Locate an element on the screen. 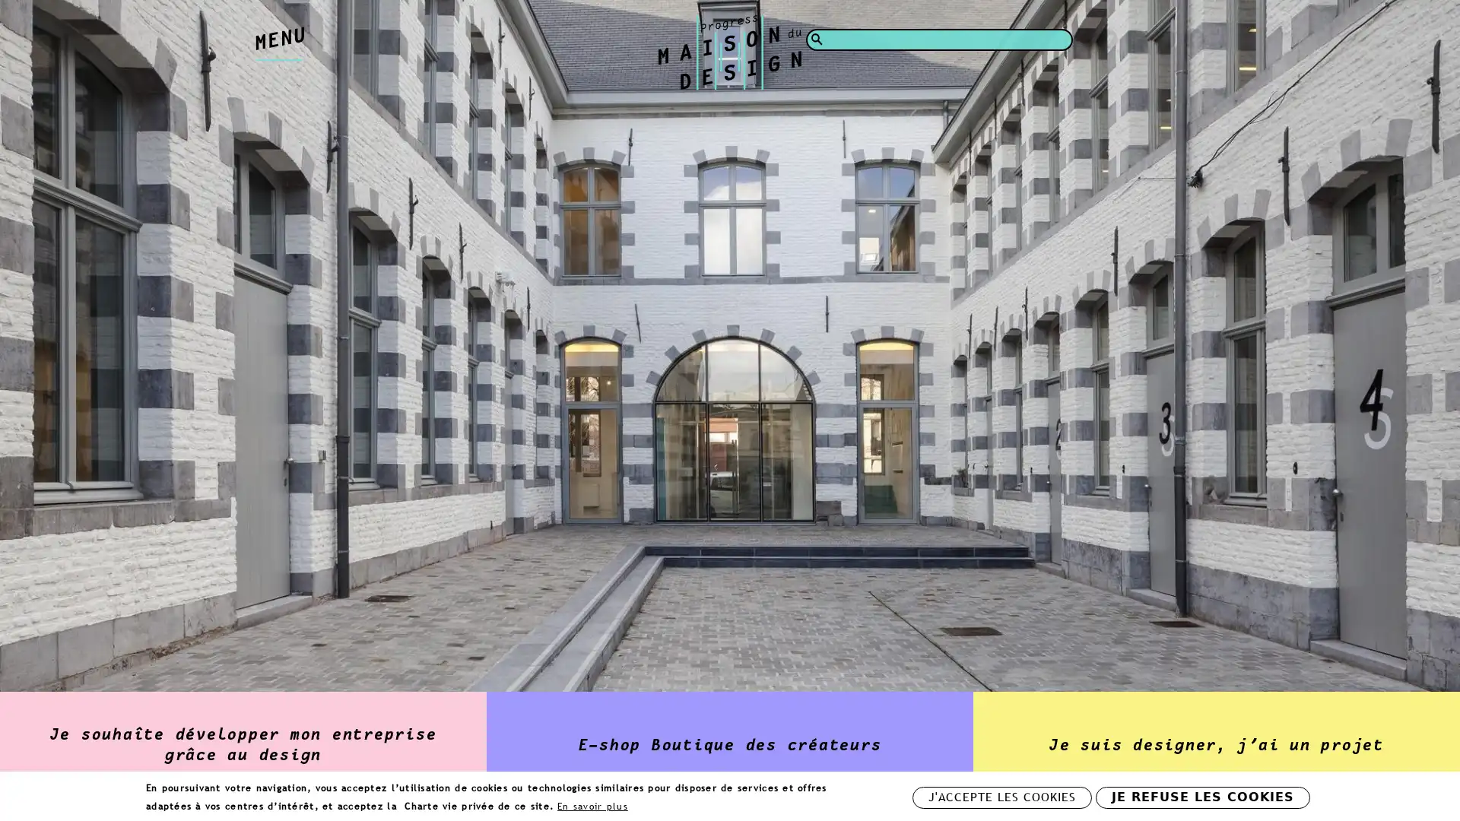  Rechercher is located at coordinates (1062, 40).